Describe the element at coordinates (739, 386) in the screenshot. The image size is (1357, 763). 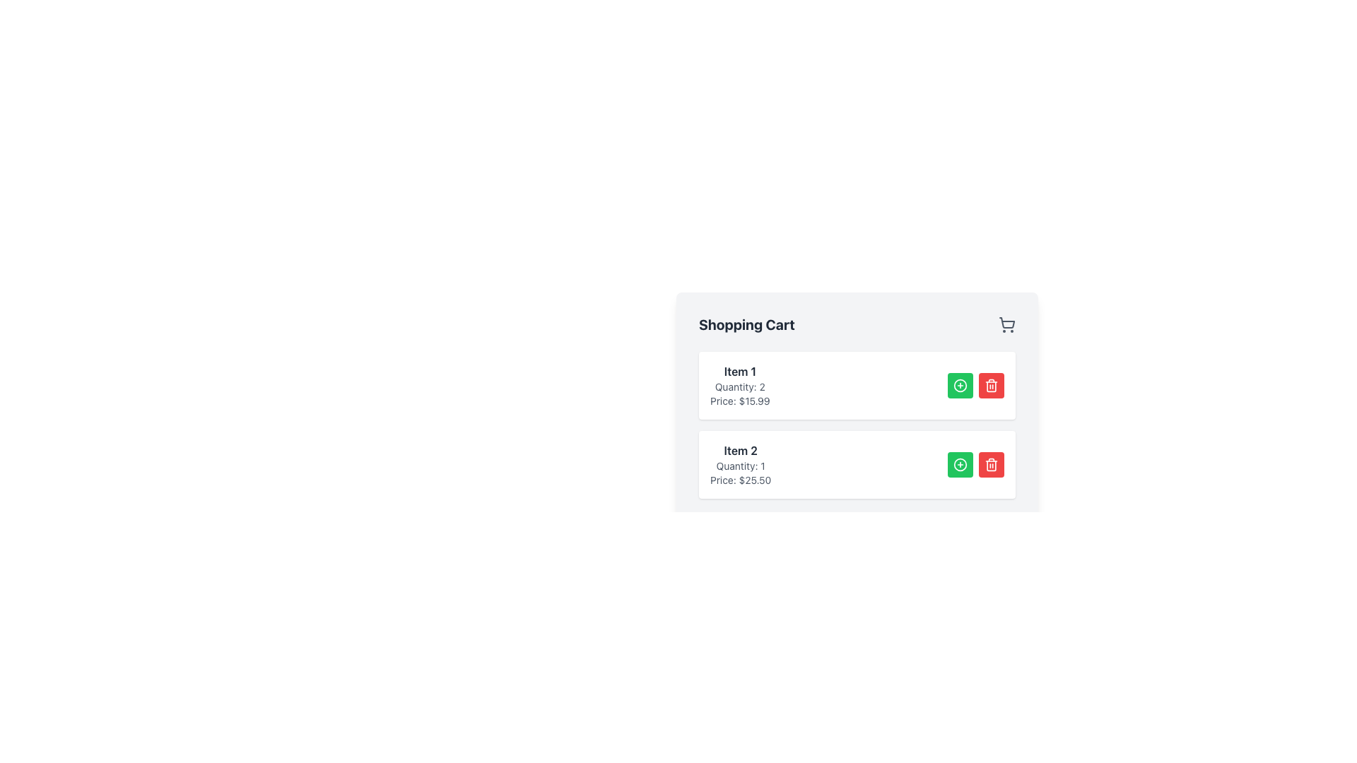
I see `the text label displaying 'Quantity: 2' which is located beneath 'Item 1' and above 'Price: $15.99' in the shopping cart interface` at that location.